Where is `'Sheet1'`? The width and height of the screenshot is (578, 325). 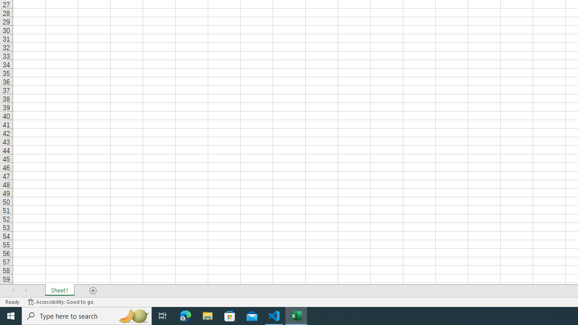
'Sheet1' is located at coordinates (59, 291).